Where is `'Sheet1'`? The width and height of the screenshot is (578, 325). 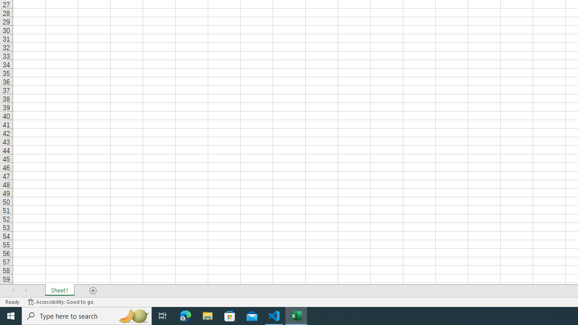
'Sheet1' is located at coordinates (59, 291).